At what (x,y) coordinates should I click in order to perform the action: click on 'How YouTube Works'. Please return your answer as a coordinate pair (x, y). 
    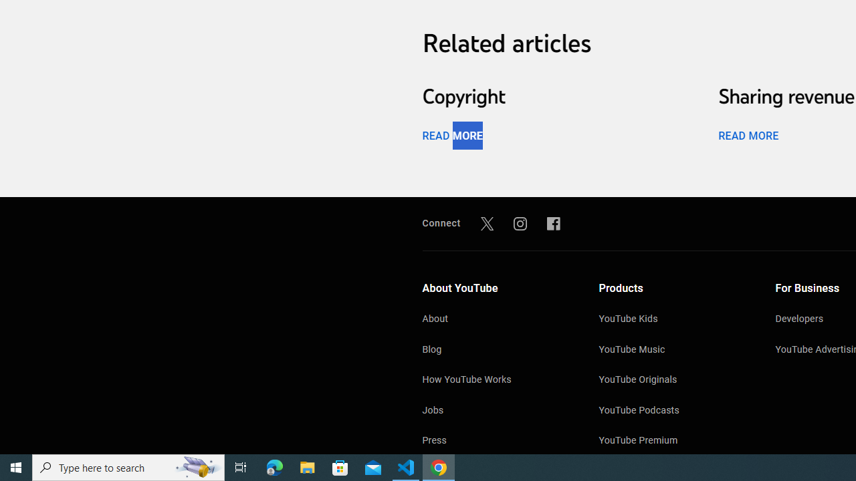
    Looking at the image, I should click on (496, 381).